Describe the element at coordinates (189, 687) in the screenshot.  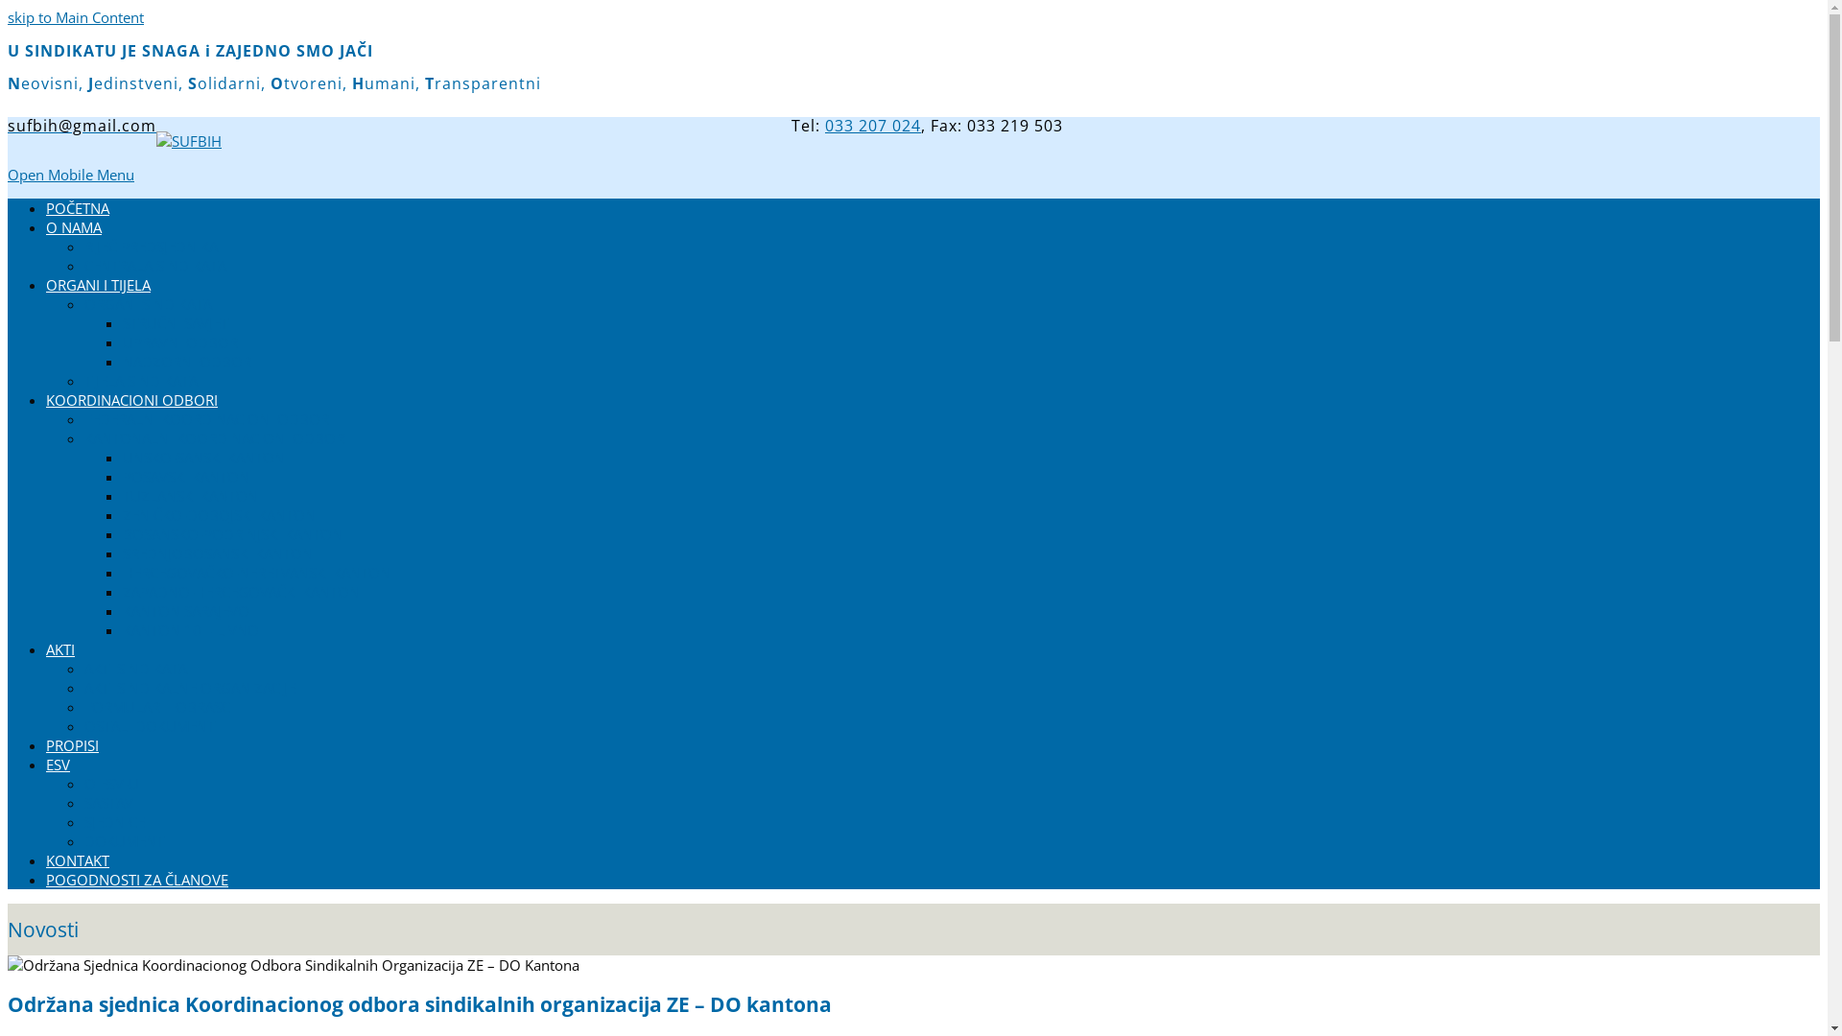
I see `'AKTI SINDIKALNE ORGANIZACIJE'` at that location.